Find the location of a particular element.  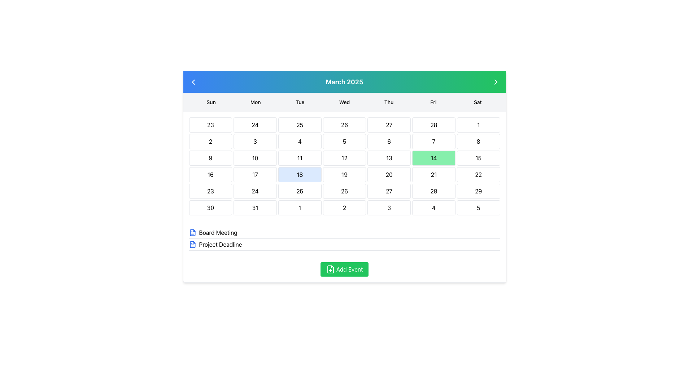

the text element displaying 'March 2025' which is centrally aligned in a bold, large font against a gradient background is located at coordinates (344, 81).